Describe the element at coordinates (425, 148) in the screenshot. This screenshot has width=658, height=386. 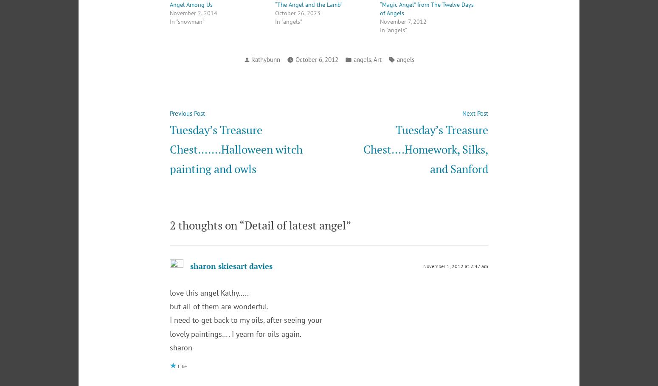
I see `'Tuesday’s Treasure Chest….Homework, Silks, and Sanford'` at that location.